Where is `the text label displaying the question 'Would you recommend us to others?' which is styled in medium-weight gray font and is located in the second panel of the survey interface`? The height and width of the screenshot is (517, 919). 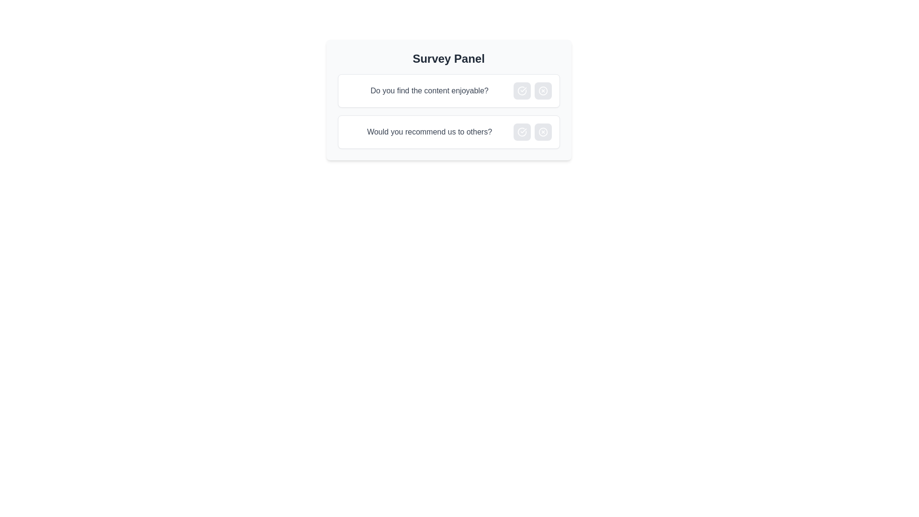
the text label displaying the question 'Would you recommend us to others?' which is styled in medium-weight gray font and is located in the second panel of the survey interface is located at coordinates (429, 132).